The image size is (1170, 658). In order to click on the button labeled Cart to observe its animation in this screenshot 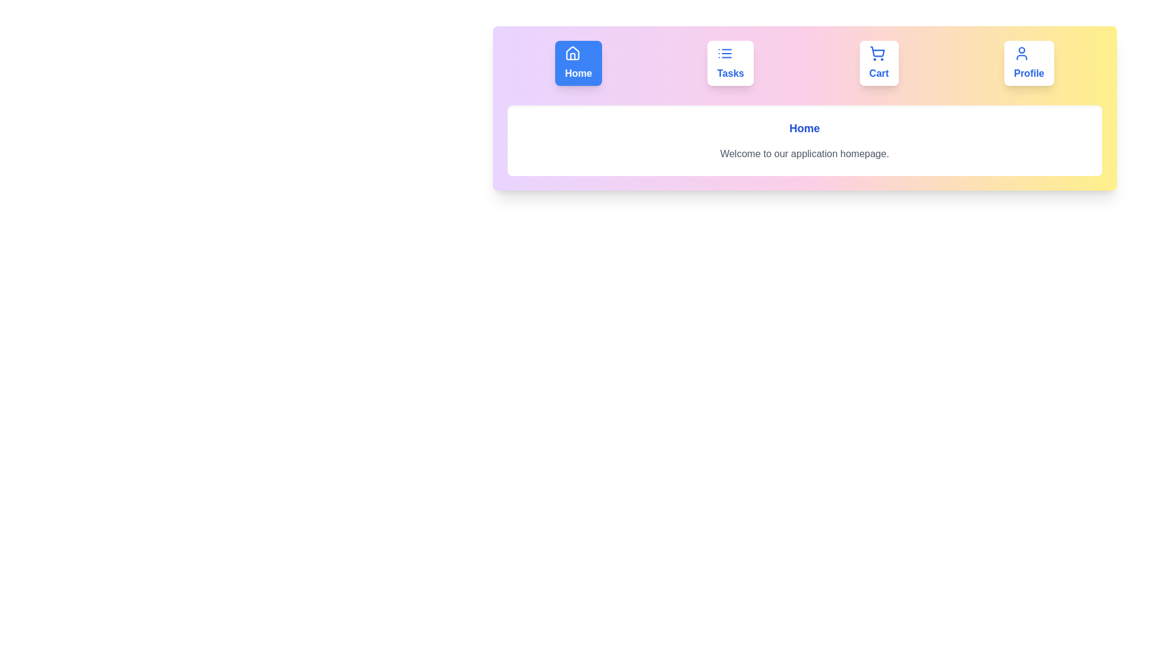, I will do `click(878, 63)`.